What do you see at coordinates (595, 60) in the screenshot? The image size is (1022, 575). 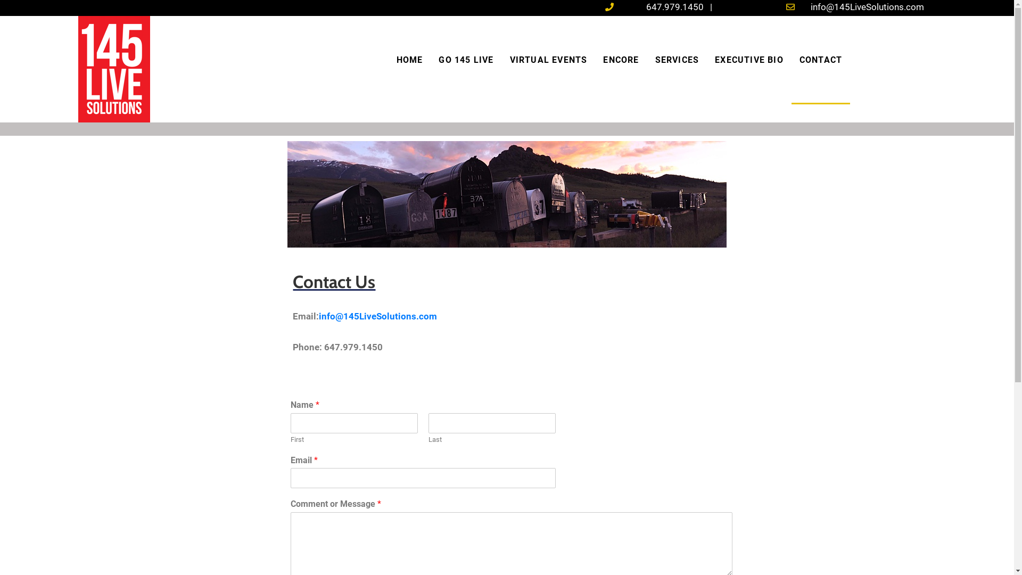 I see `'ENCORE'` at bounding box center [595, 60].